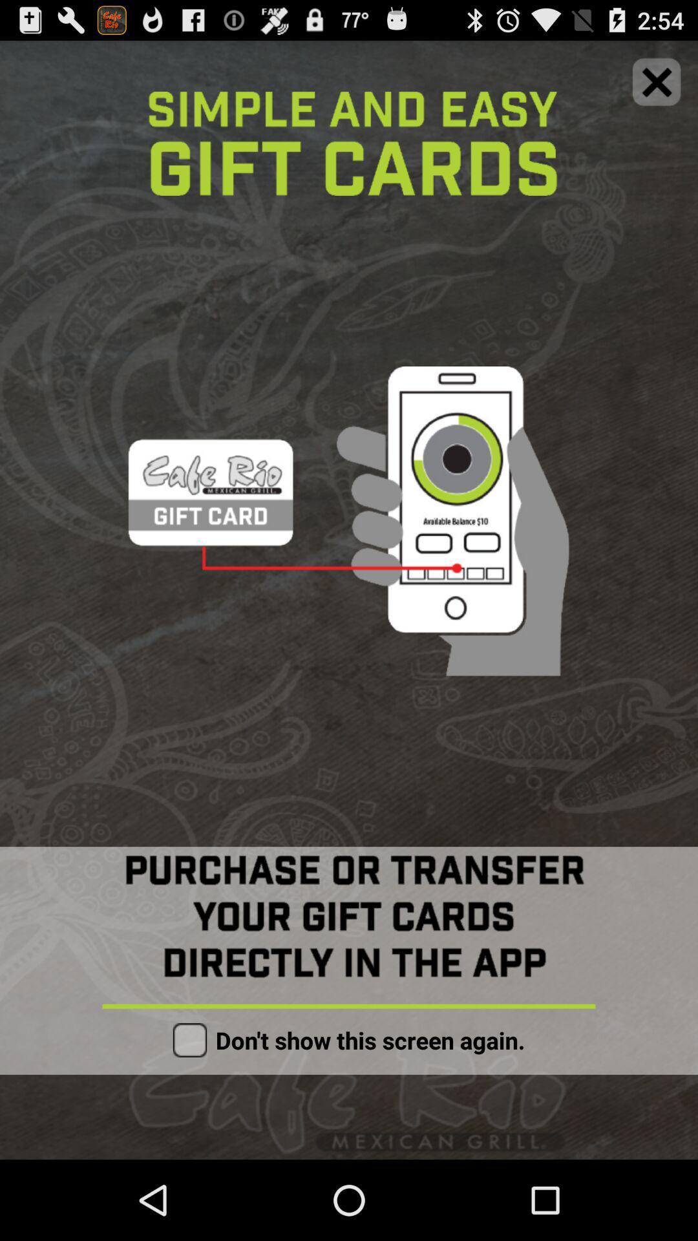 The height and width of the screenshot is (1241, 698). What do you see at coordinates (657, 87) in the screenshot?
I see `the close icon` at bounding box center [657, 87].